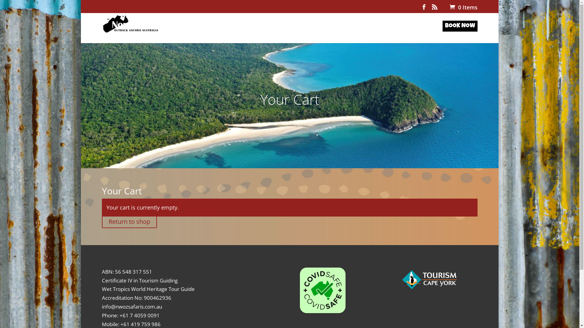 Image resolution: width=584 pixels, height=328 pixels. I want to click on 'WHY TRAVEL WITH US?', so click(303, 33).